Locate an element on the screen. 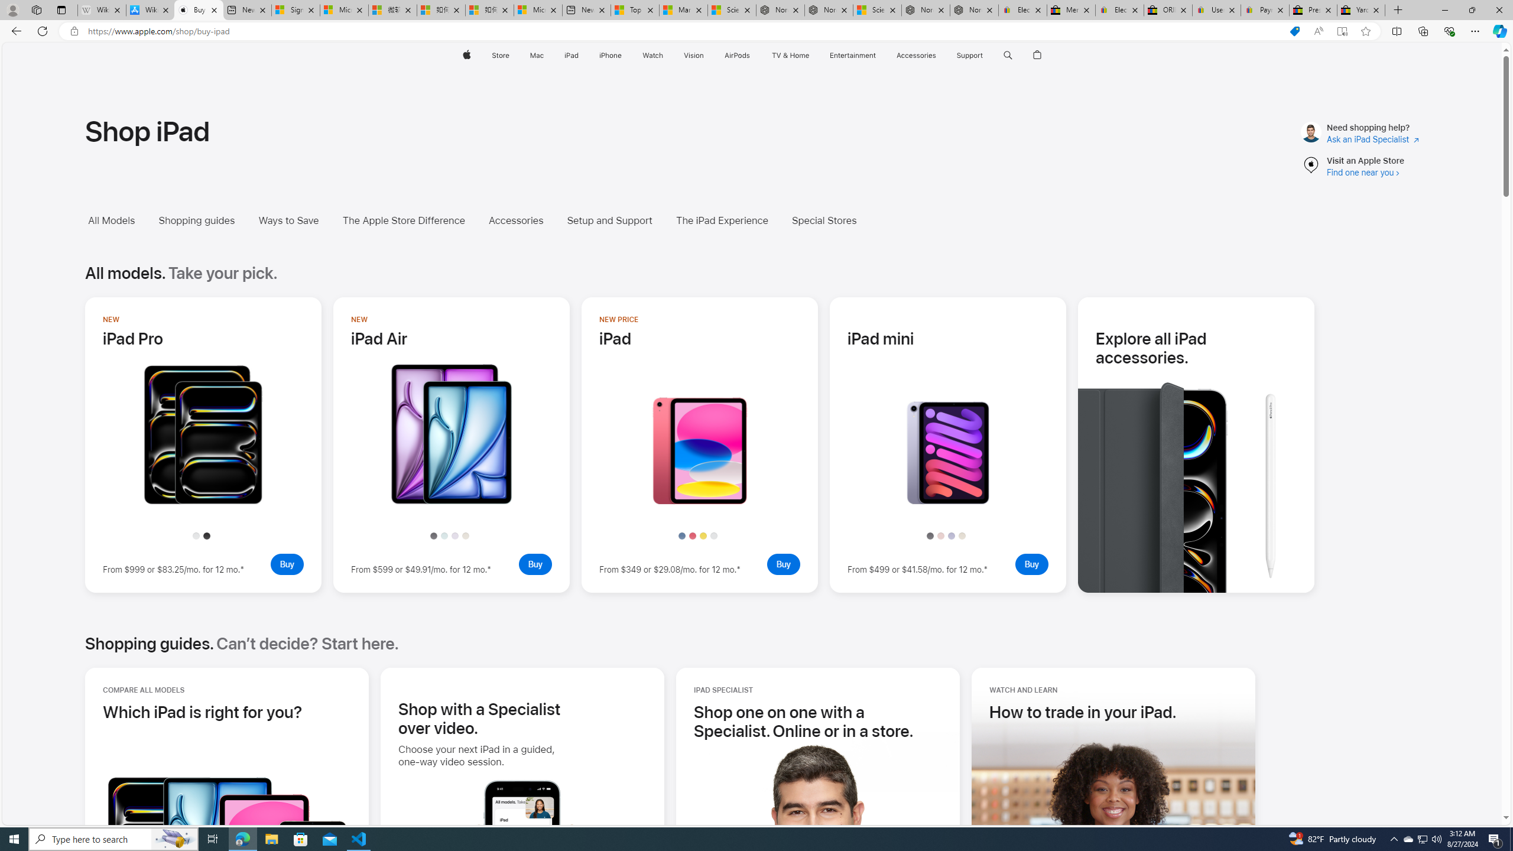  'Support' is located at coordinates (969, 55).